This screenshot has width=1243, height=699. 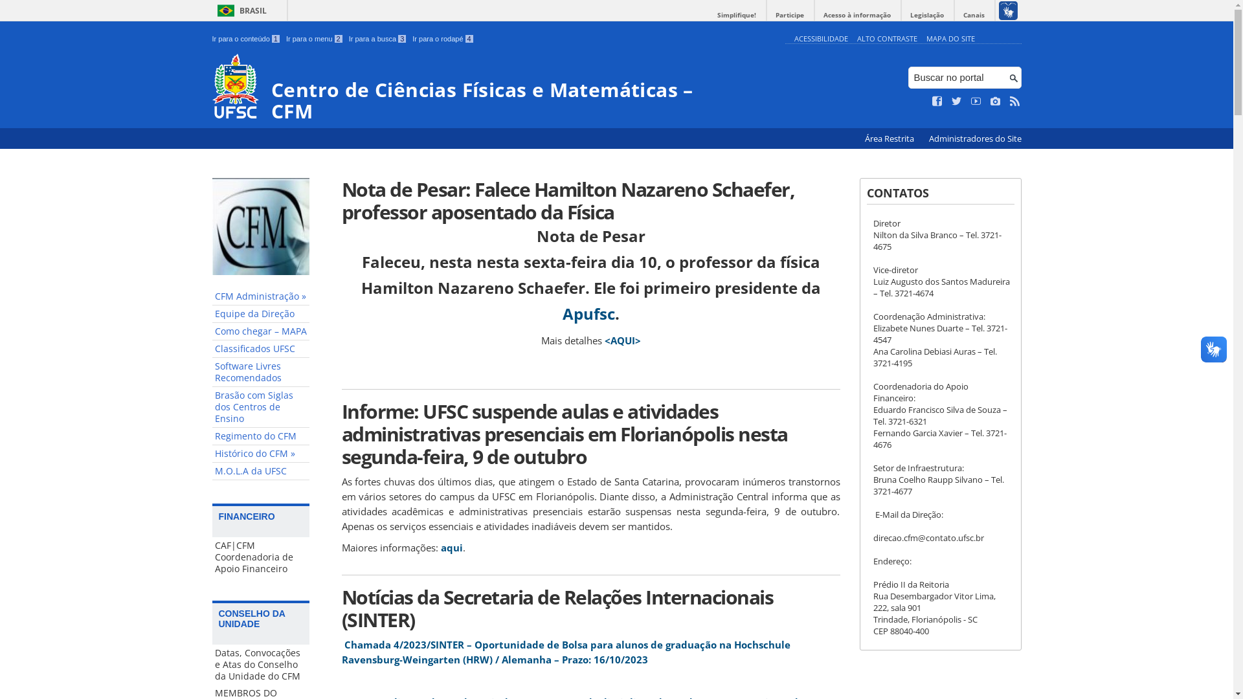 What do you see at coordinates (736, 15) in the screenshot?
I see `'Simplifique!'` at bounding box center [736, 15].